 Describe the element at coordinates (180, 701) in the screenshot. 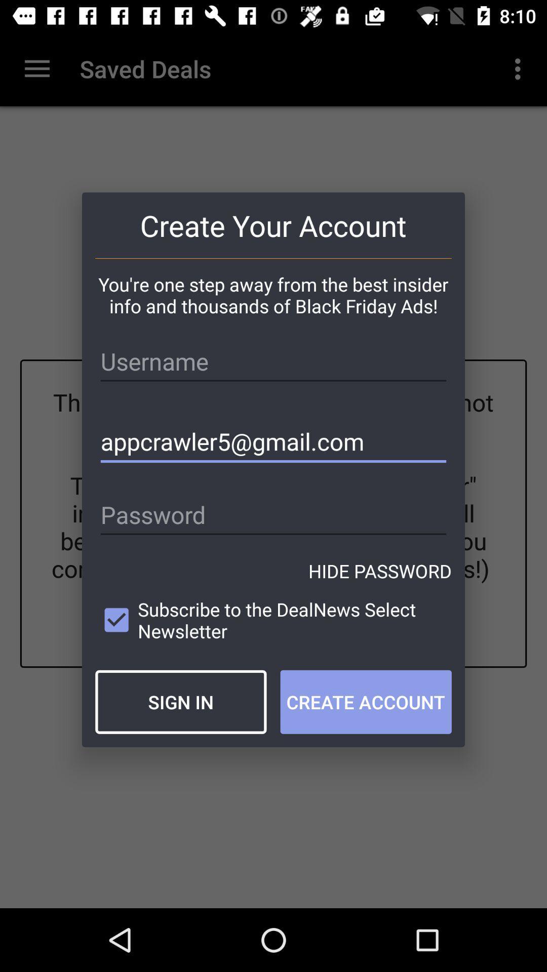

I see `the item to the left of the create account icon` at that location.